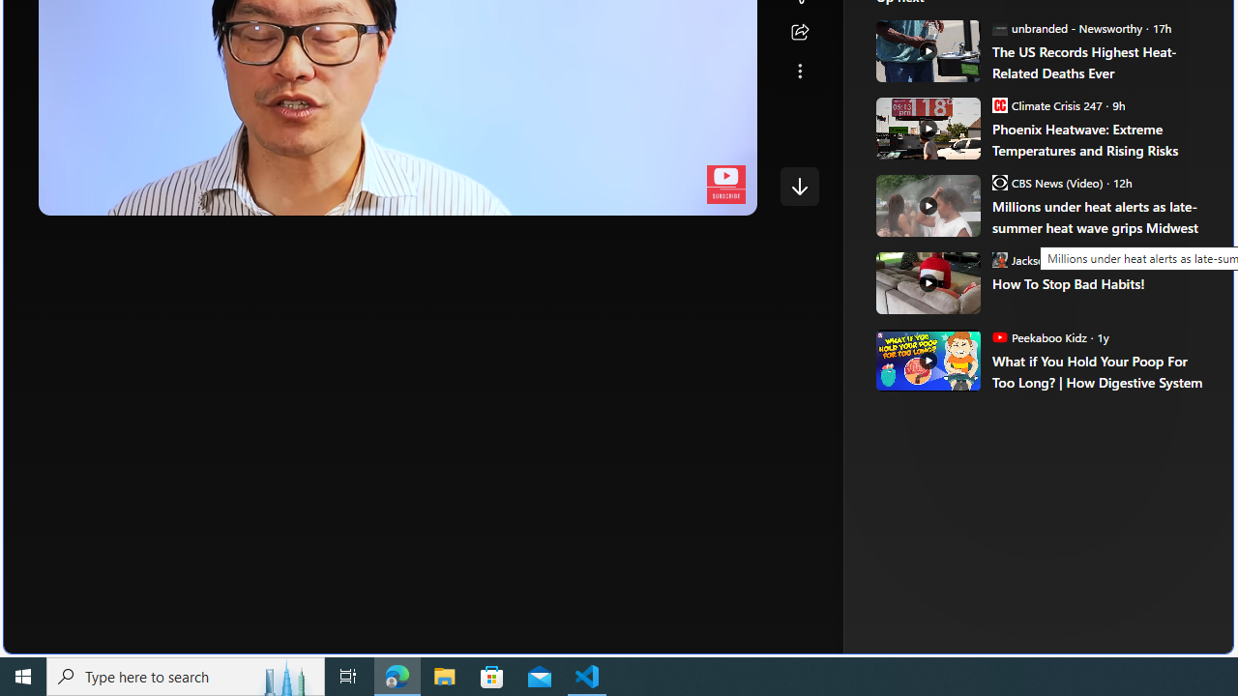 Image resolution: width=1238 pixels, height=696 pixels. What do you see at coordinates (1066, 27) in the screenshot?
I see `'unbranded - Newsworthy unbranded - Newsworthy'` at bounding box center [1066, 27].